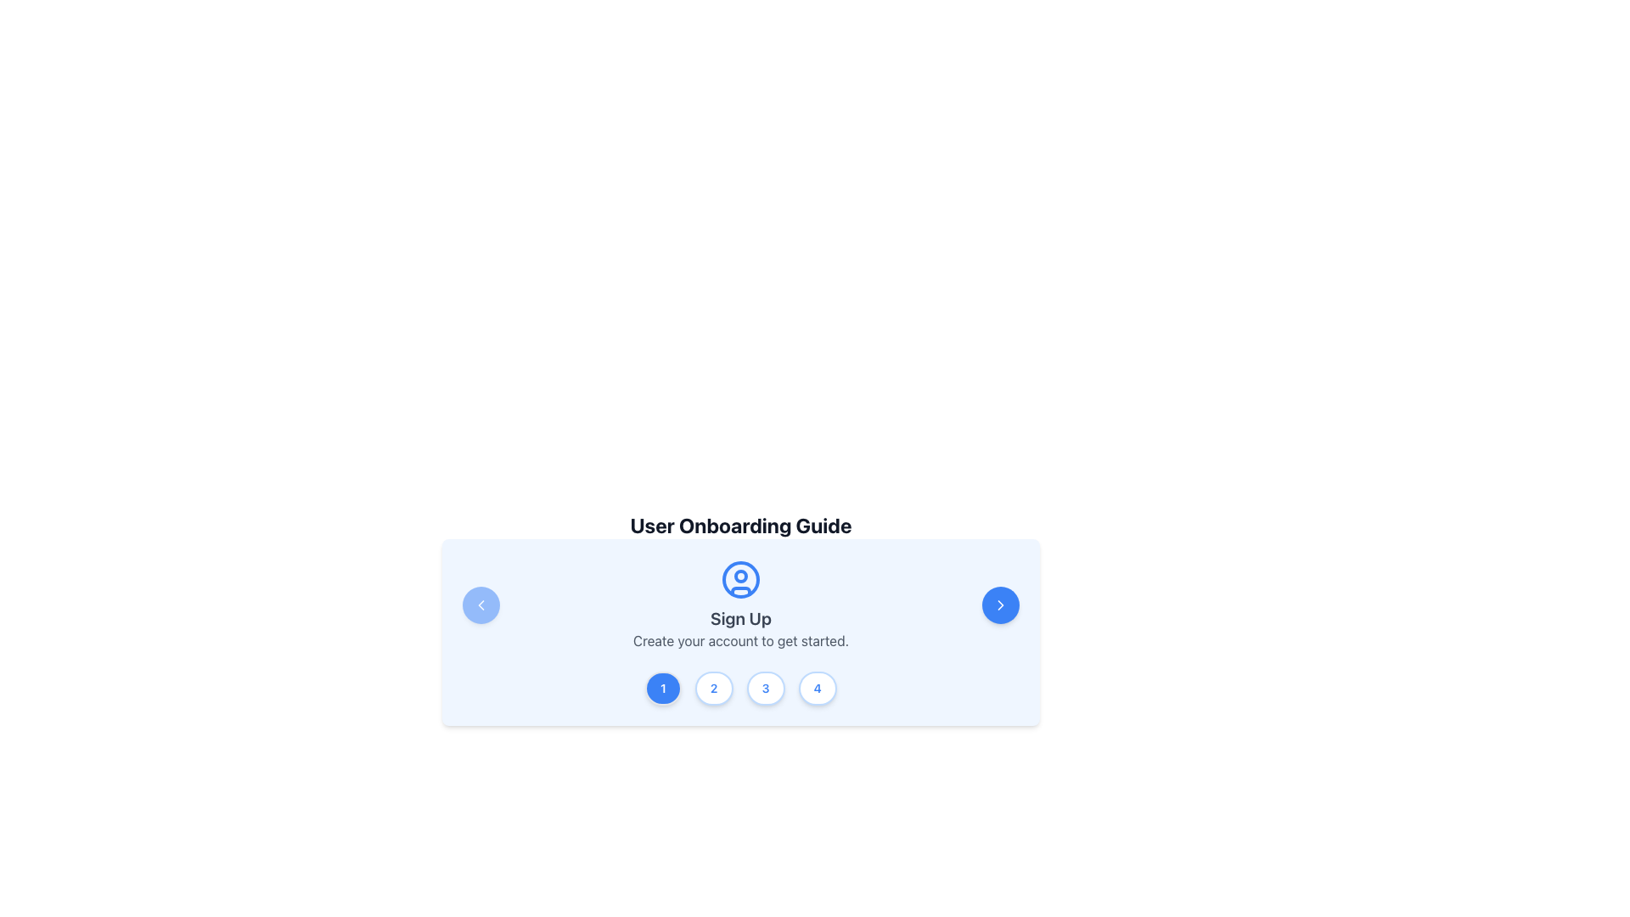 The width and height of the screenshot is (1630, 917). I want to click on the specific numbered button within the horizontal step indicator located below the 'Sign Up' title in the blue-on-white modal, so click(741, 688).